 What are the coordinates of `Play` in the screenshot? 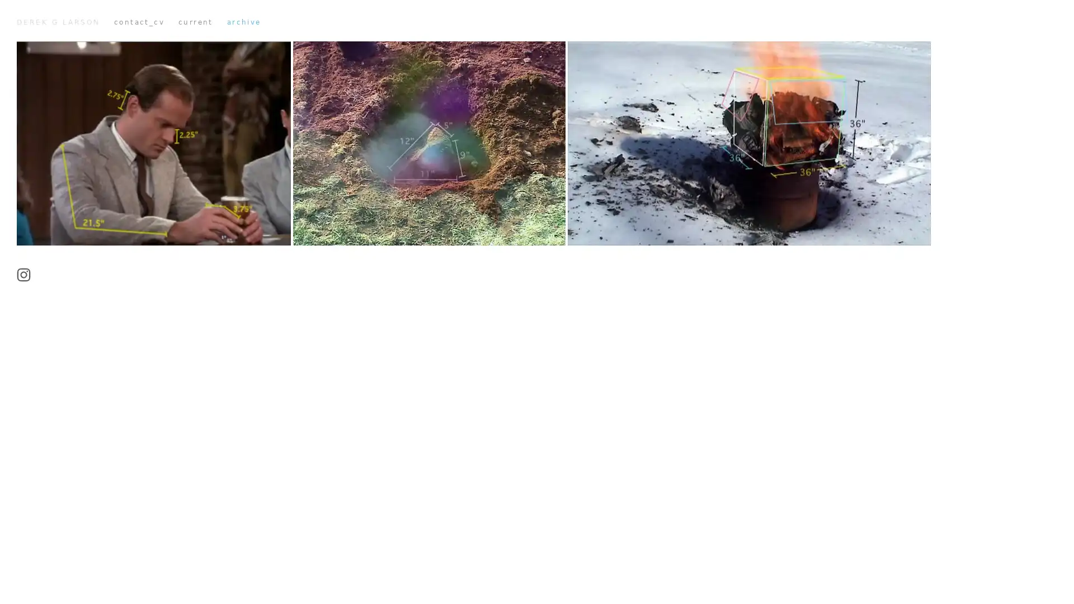 It's located at (537, 509).